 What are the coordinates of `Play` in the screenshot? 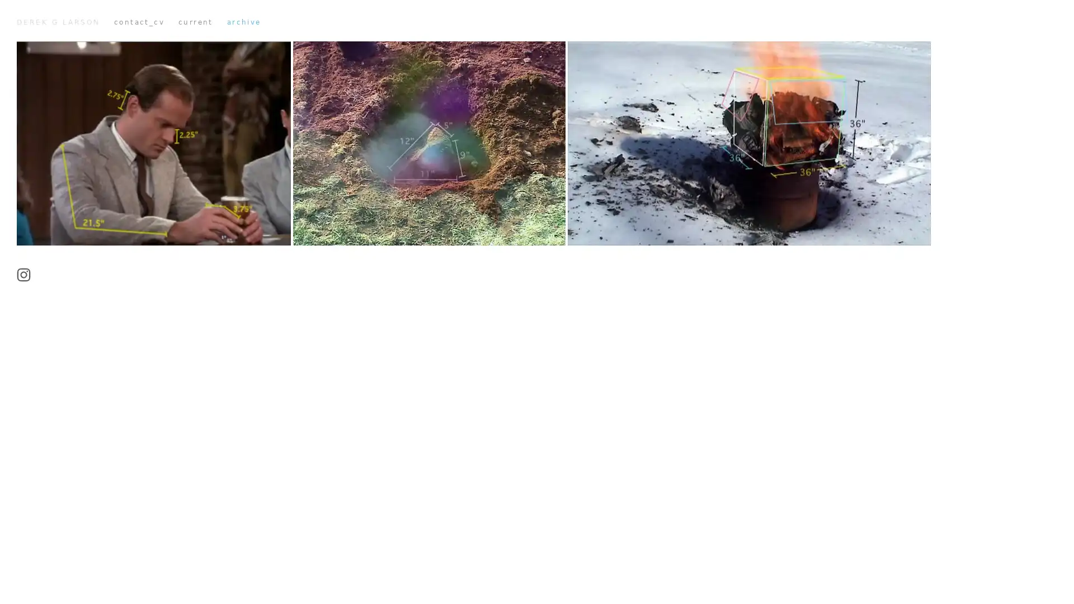 It's located at (537, 509).